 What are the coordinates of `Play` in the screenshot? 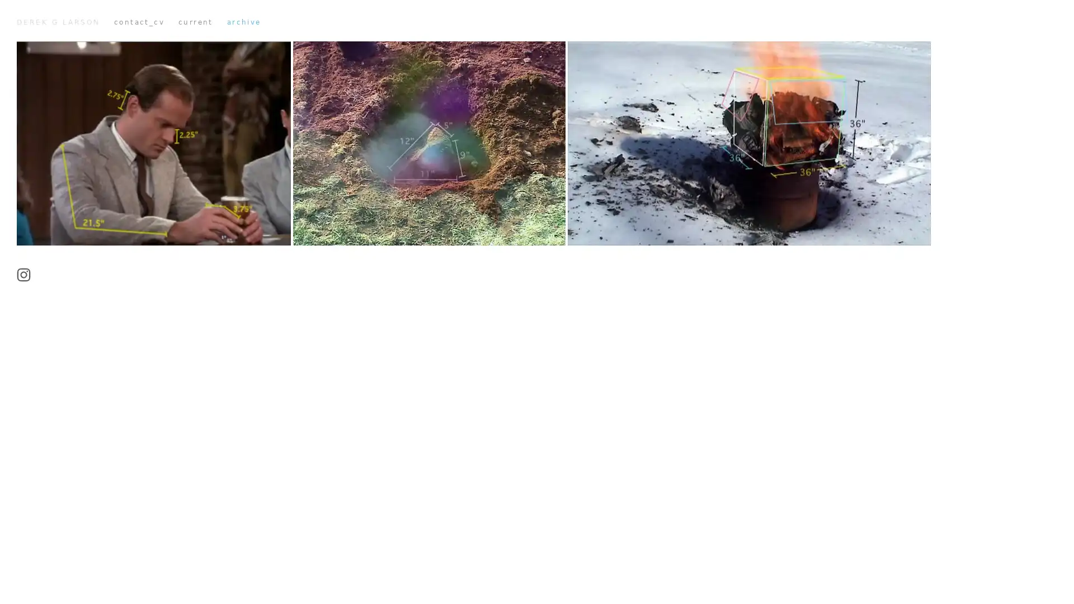 It's located at (537, 509).